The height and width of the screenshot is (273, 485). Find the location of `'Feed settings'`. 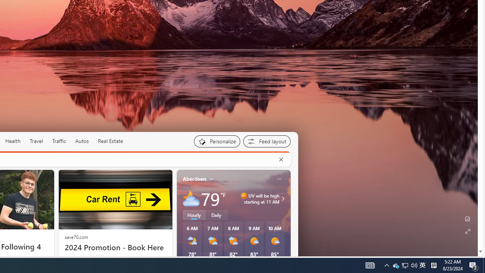

'Feed settings' is located at coordinates (267, 141).